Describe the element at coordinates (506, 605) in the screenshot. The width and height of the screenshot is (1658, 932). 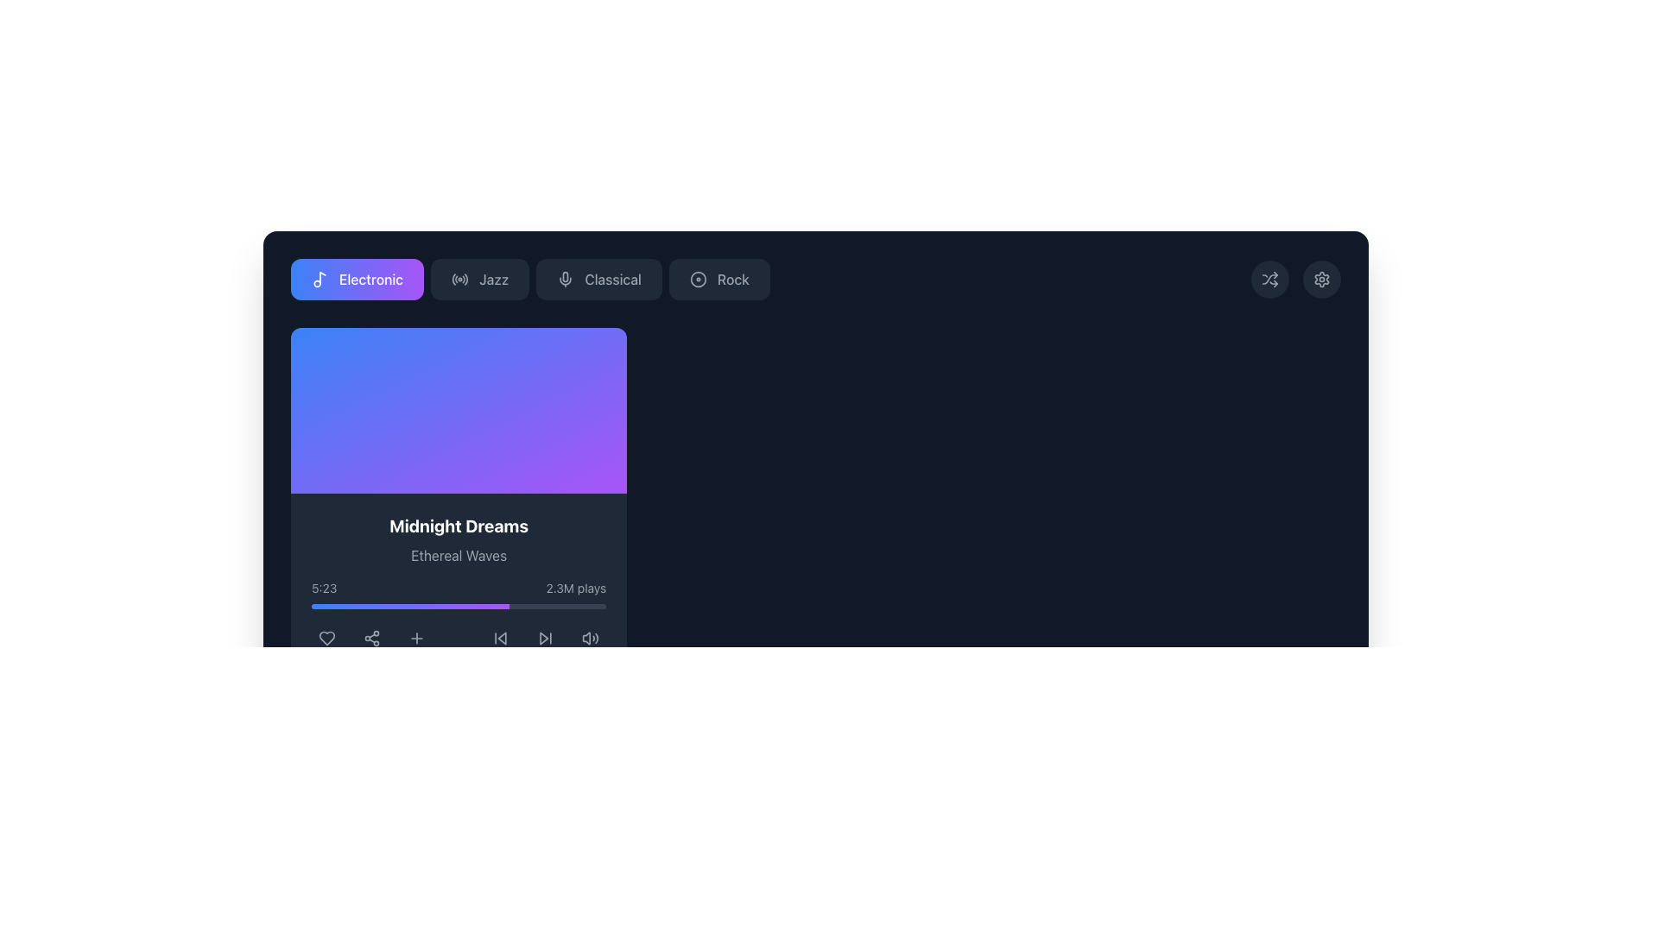
I see `the slider value` at that location.